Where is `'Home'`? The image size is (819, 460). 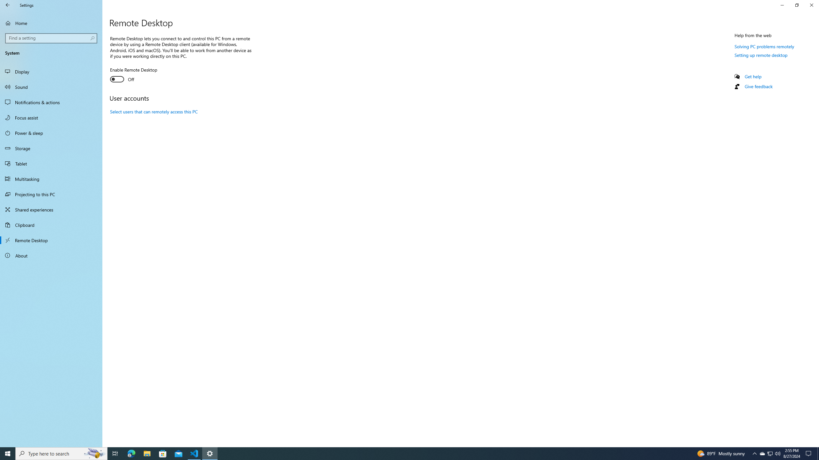 'Home' is located at coordinates (51, 23).